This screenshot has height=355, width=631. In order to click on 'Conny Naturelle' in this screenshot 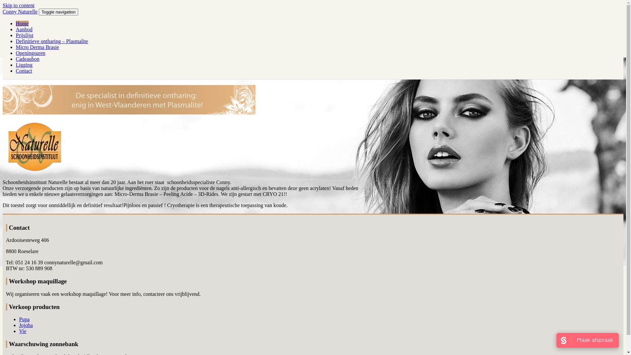, I will do `click(20, 12)`.